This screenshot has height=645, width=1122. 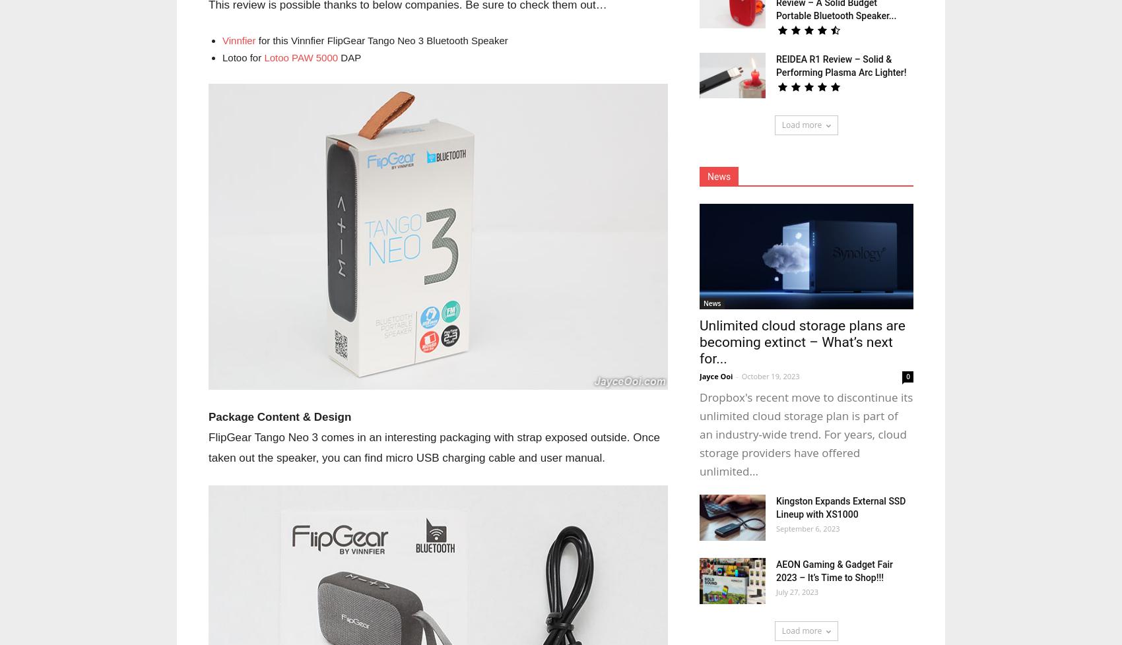 What do you see at coordinates (775, 591) in the screenshot?
I see `'July 27, 2023'` at bounding box center [775, 591].